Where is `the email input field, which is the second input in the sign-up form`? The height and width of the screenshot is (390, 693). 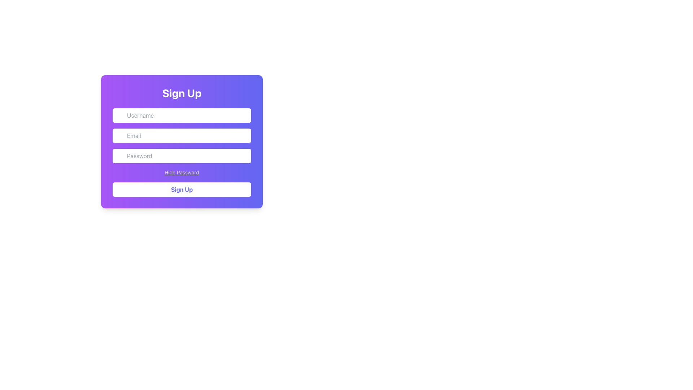 the email input field, which is the second input in the sign-up form is located at coordinates (182, 135).